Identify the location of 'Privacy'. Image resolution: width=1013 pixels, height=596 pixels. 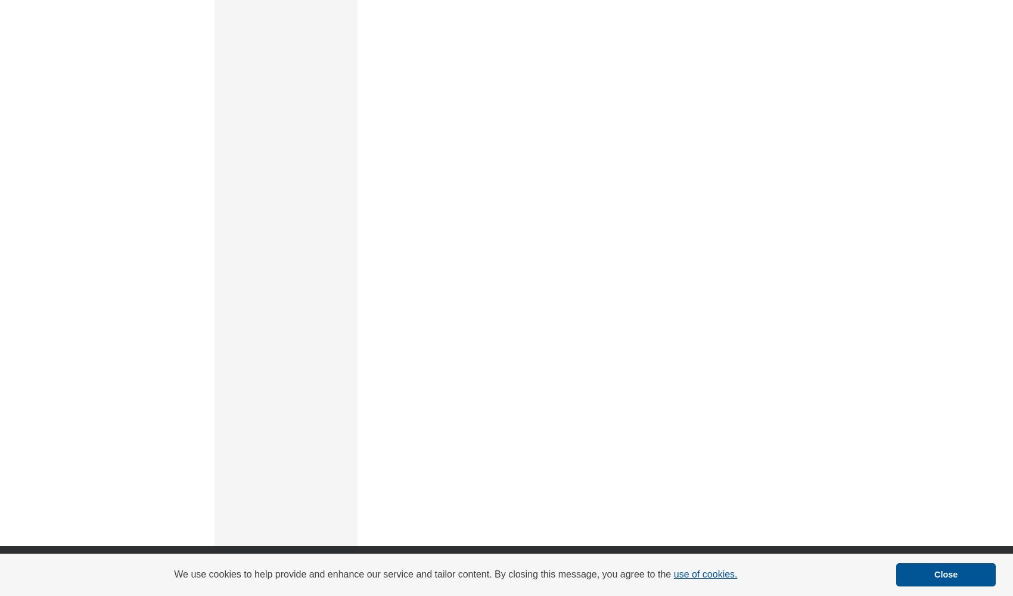
(386, 578).